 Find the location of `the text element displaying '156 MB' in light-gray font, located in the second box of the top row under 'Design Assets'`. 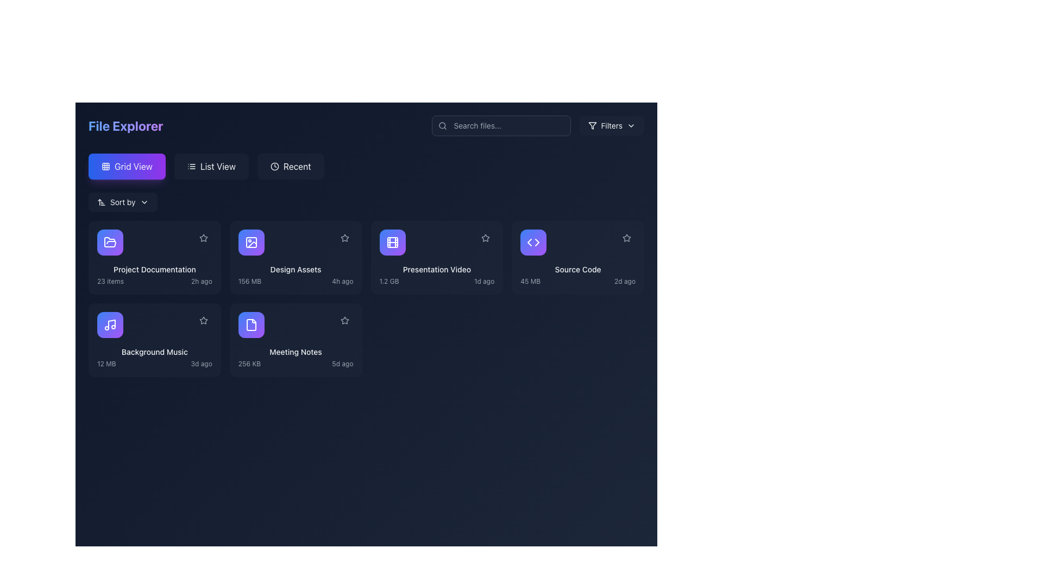

the text element displaying '156 MB' in light-gray font, located in the second box of the top row under 'Design Assets' is located at coordinates (249, 281).